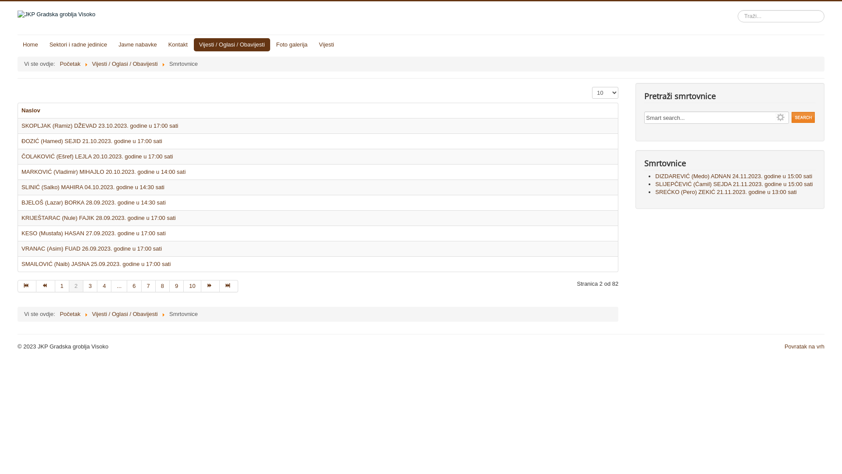  What do you see at coordinates (97, 286) in the screenshot?
I see `'4'` at bounding box center [97, 286].